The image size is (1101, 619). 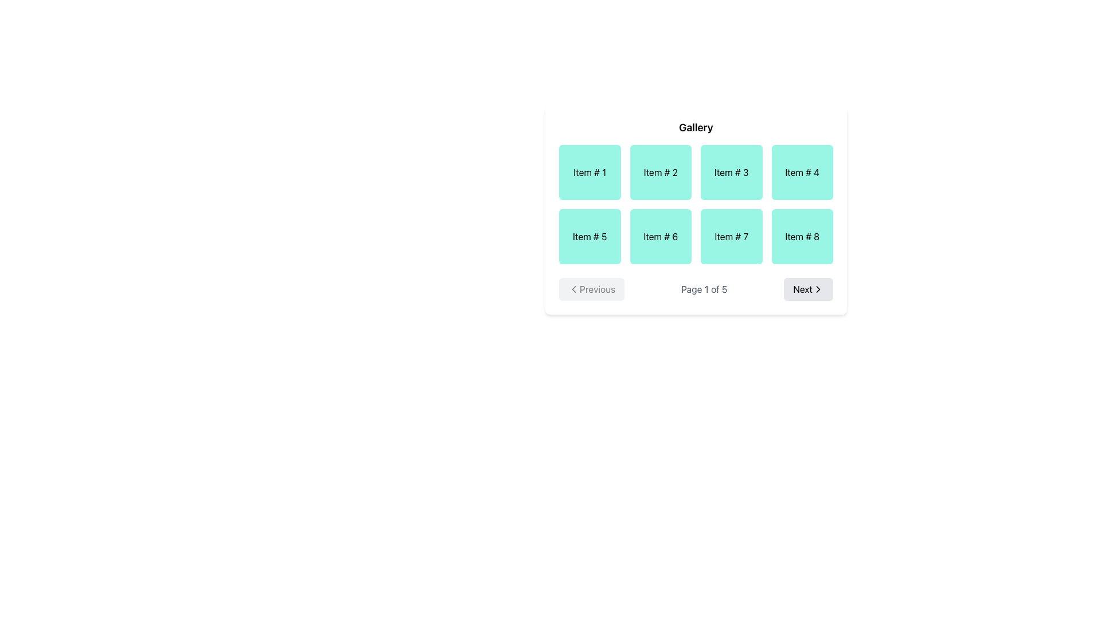 I want to click on the text label 'Item #1' located in the top-left corner of the first teal box in the gallery grid, so click(x=589, y=172).